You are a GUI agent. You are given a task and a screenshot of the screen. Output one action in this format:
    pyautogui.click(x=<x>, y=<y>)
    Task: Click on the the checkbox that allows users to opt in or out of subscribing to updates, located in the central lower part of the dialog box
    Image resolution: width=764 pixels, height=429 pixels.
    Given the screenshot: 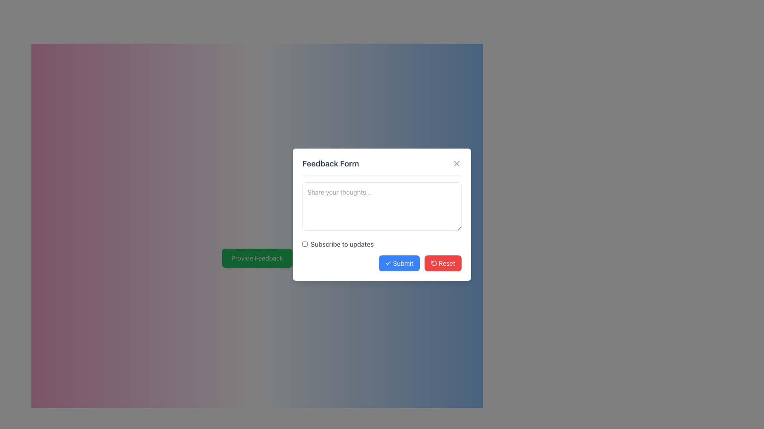 What is the action you would take?
    pyautogui.click(x=304, y=243)
    